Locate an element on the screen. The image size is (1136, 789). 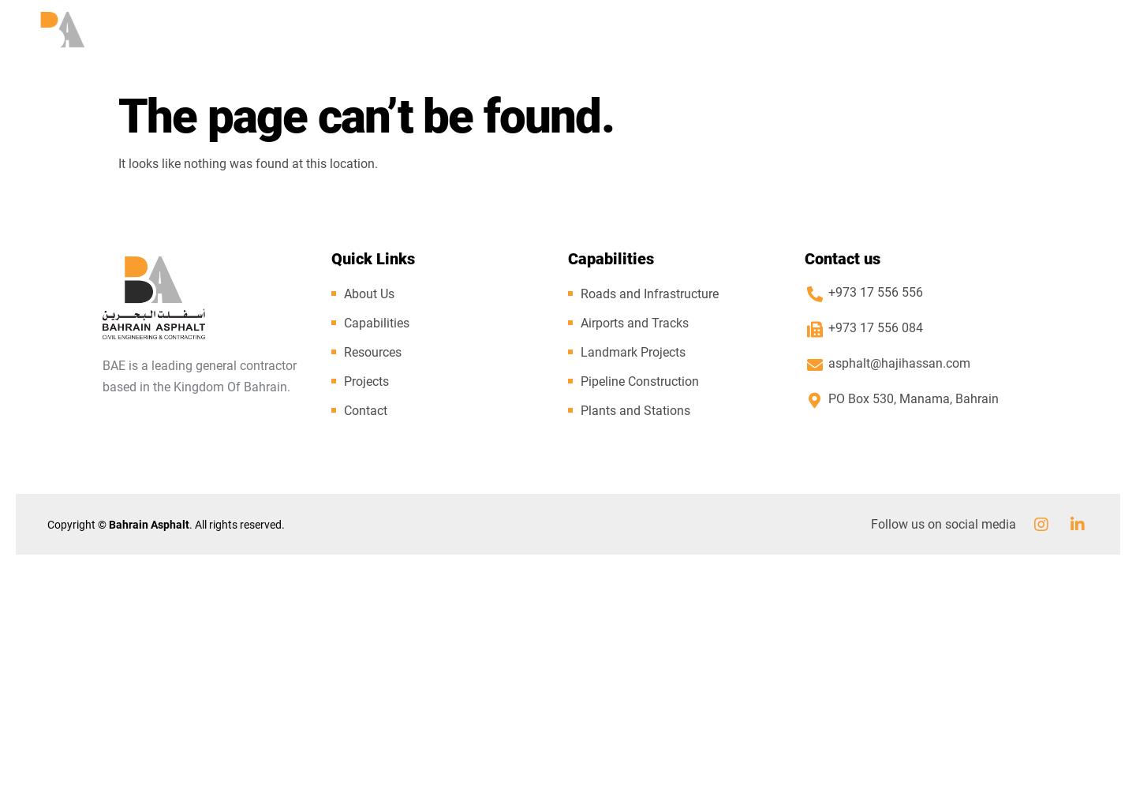
'. All rights reserved.' is located at coordinates (236, 524).